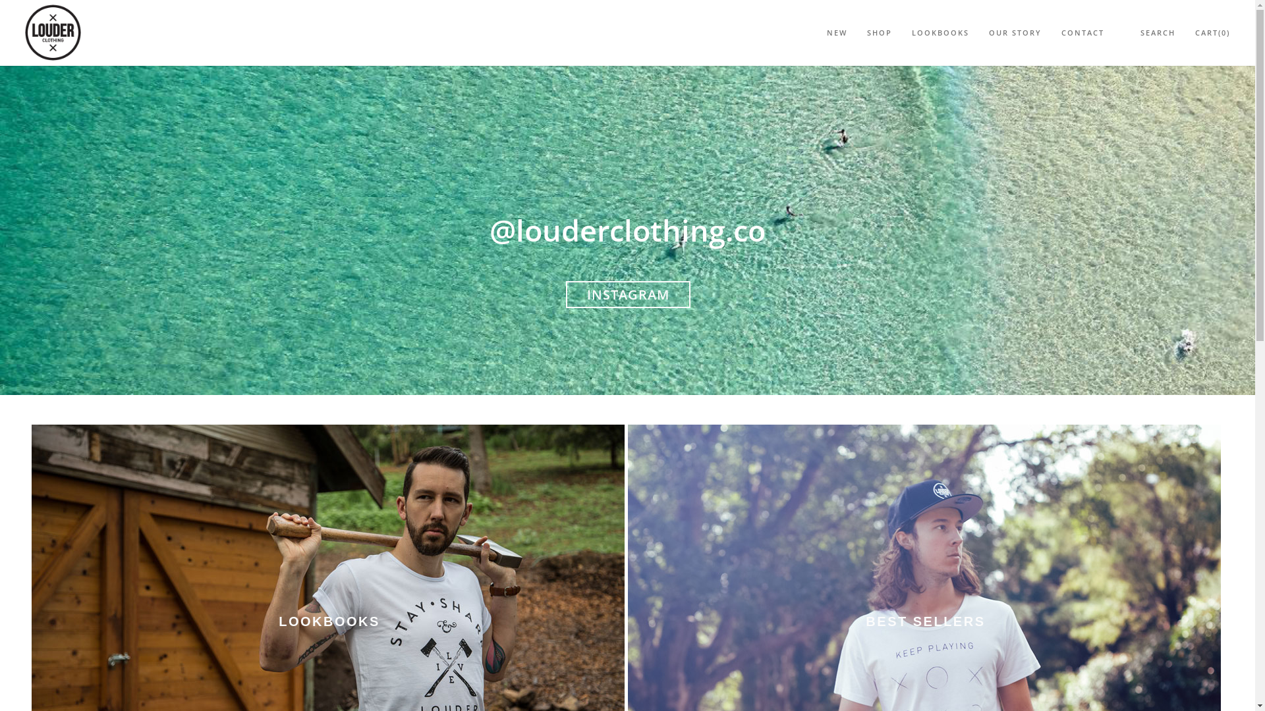 The image size is (1265, 711). I want to click on 'SEARCH', so click(1157, 32).